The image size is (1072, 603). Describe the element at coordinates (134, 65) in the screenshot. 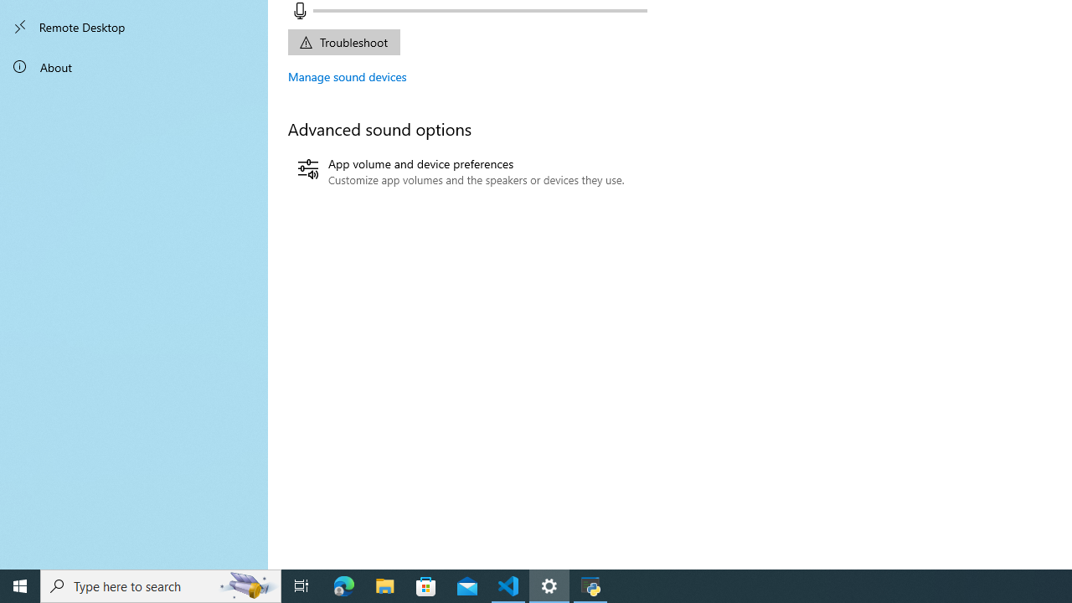

I see `'About'` at that location.